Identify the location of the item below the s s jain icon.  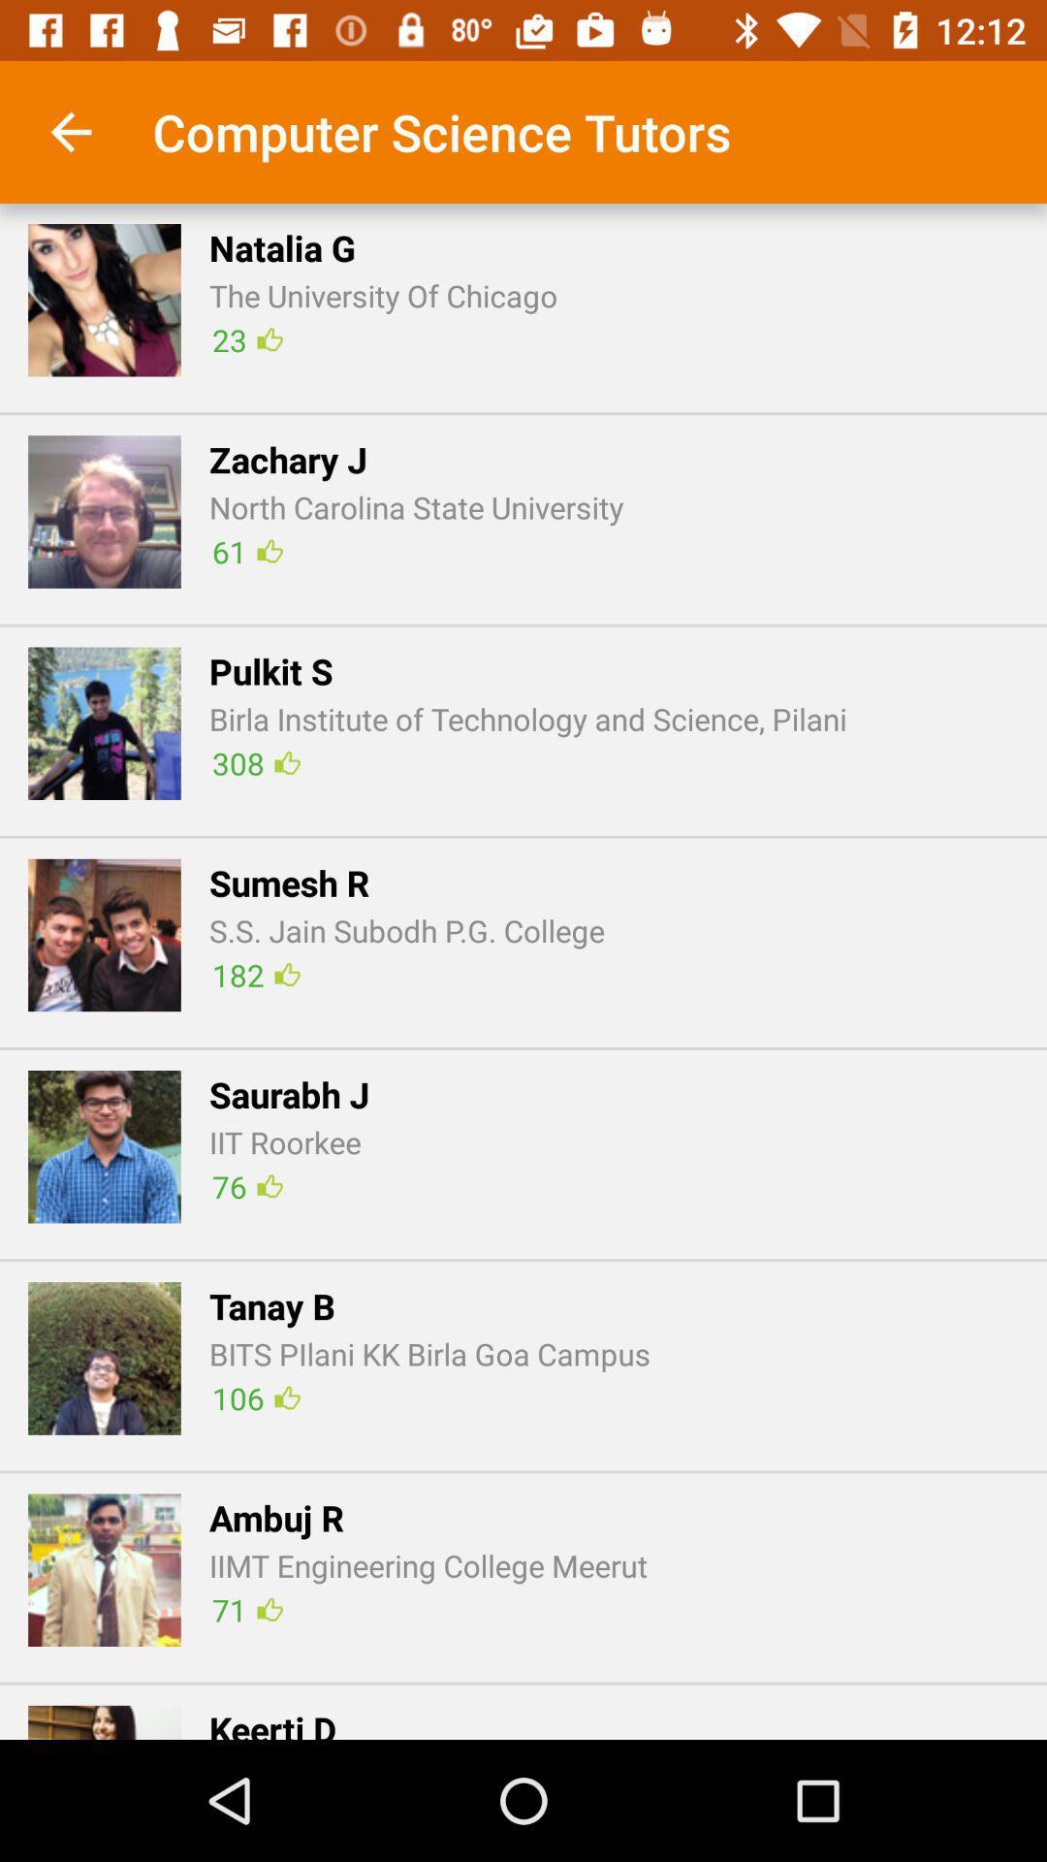
(255, 975).